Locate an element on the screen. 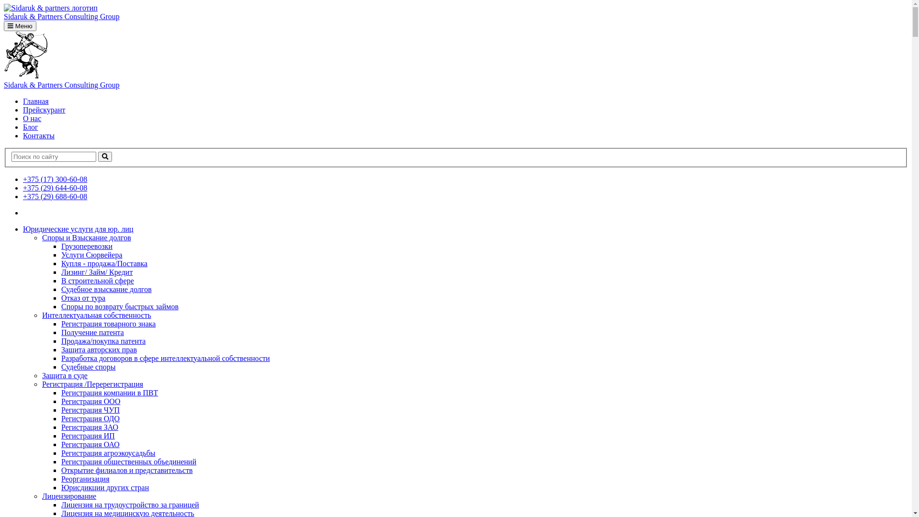 This screenshot has width=919, height=517. '+375 (17) 300-60-08' is located at coordinates (55, 179).